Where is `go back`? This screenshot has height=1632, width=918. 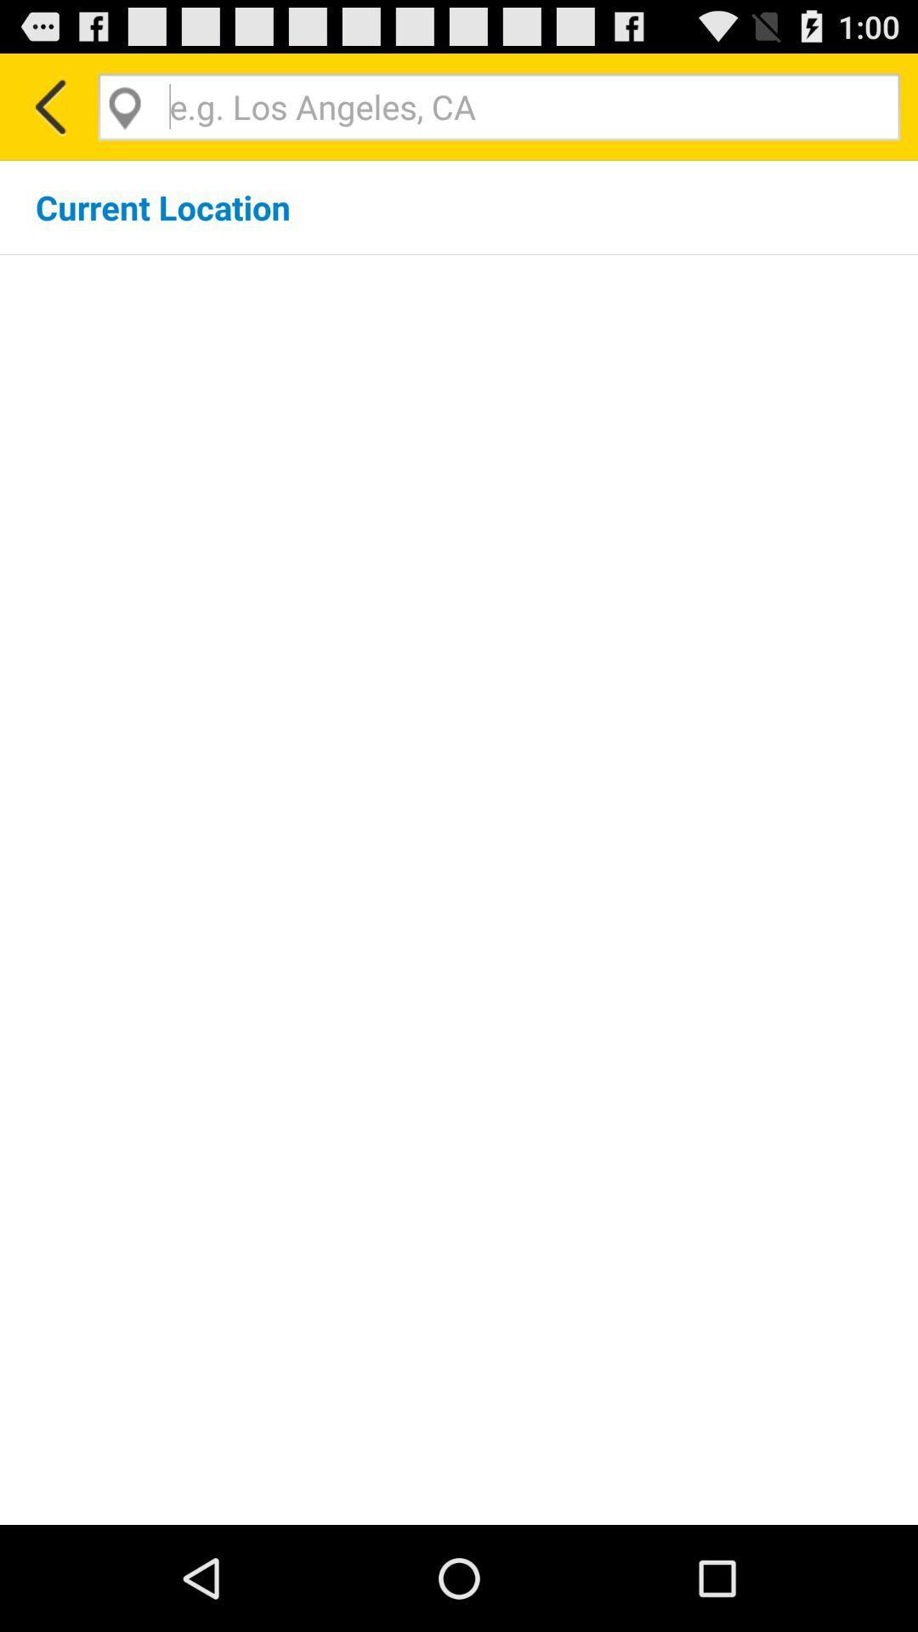 go back is located at coordinates (48, 105).